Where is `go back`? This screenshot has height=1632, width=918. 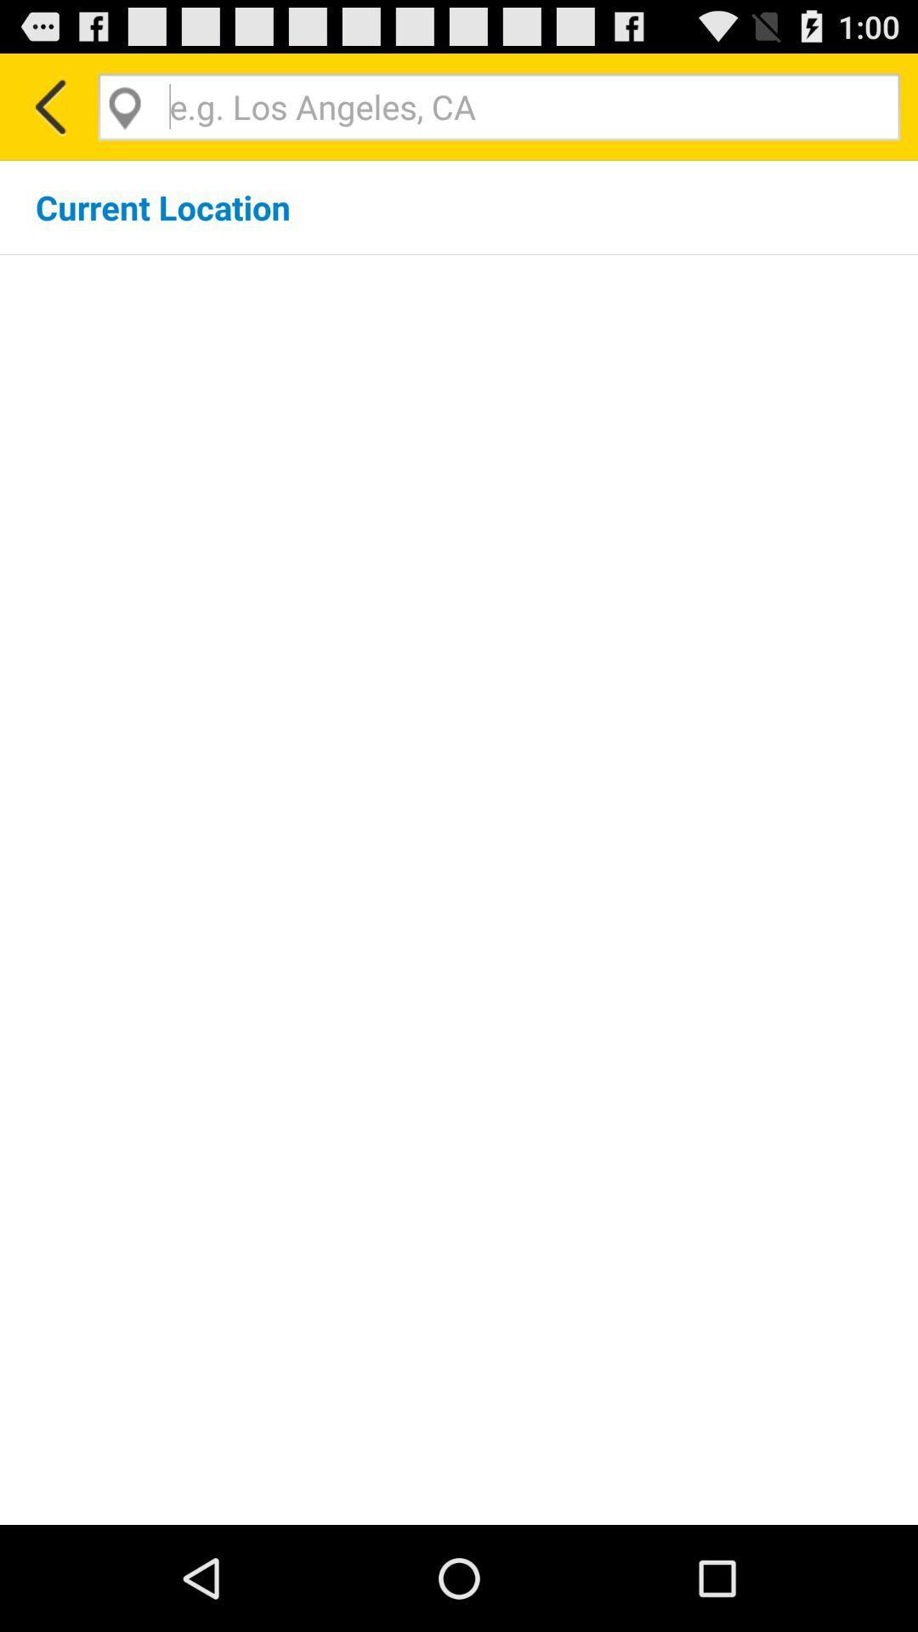 go back is located at coordinates (48, 105).